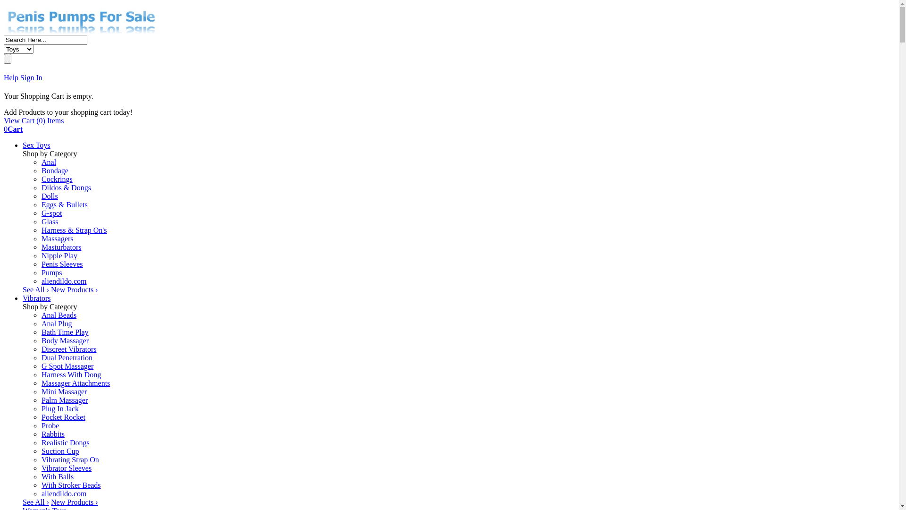  What do you see at coordinates (59, 255) in the screenshot?
I see `'Nipple Play'` at bounding box center [59, 255].